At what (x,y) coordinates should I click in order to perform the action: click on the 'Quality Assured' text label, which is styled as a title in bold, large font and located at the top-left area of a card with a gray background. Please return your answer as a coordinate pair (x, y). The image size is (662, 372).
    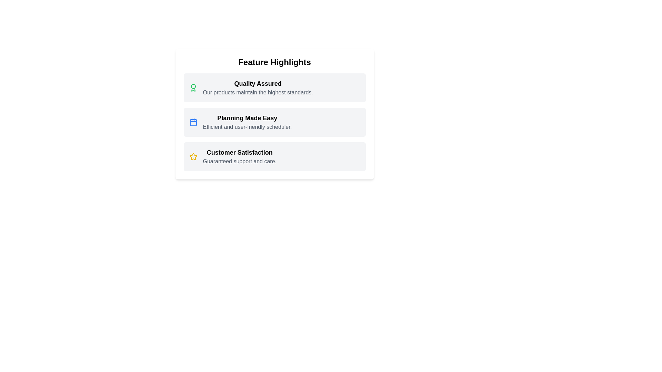
    Looking at the image, I should click on (258, 83).